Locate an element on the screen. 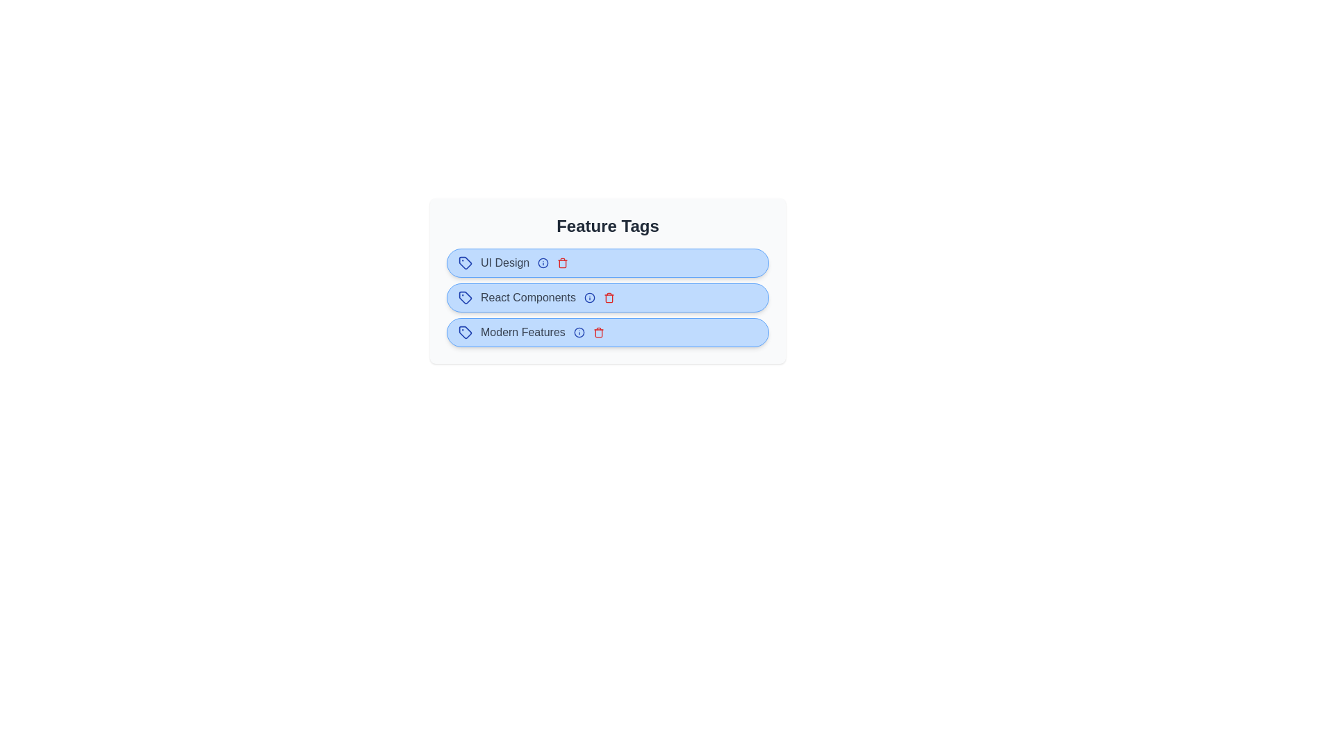 Image resolution: width=1334 pixels, height=750 pixels. the info icon of the tag labeled Modern Features to view its information is located at coordinates (579, 332).